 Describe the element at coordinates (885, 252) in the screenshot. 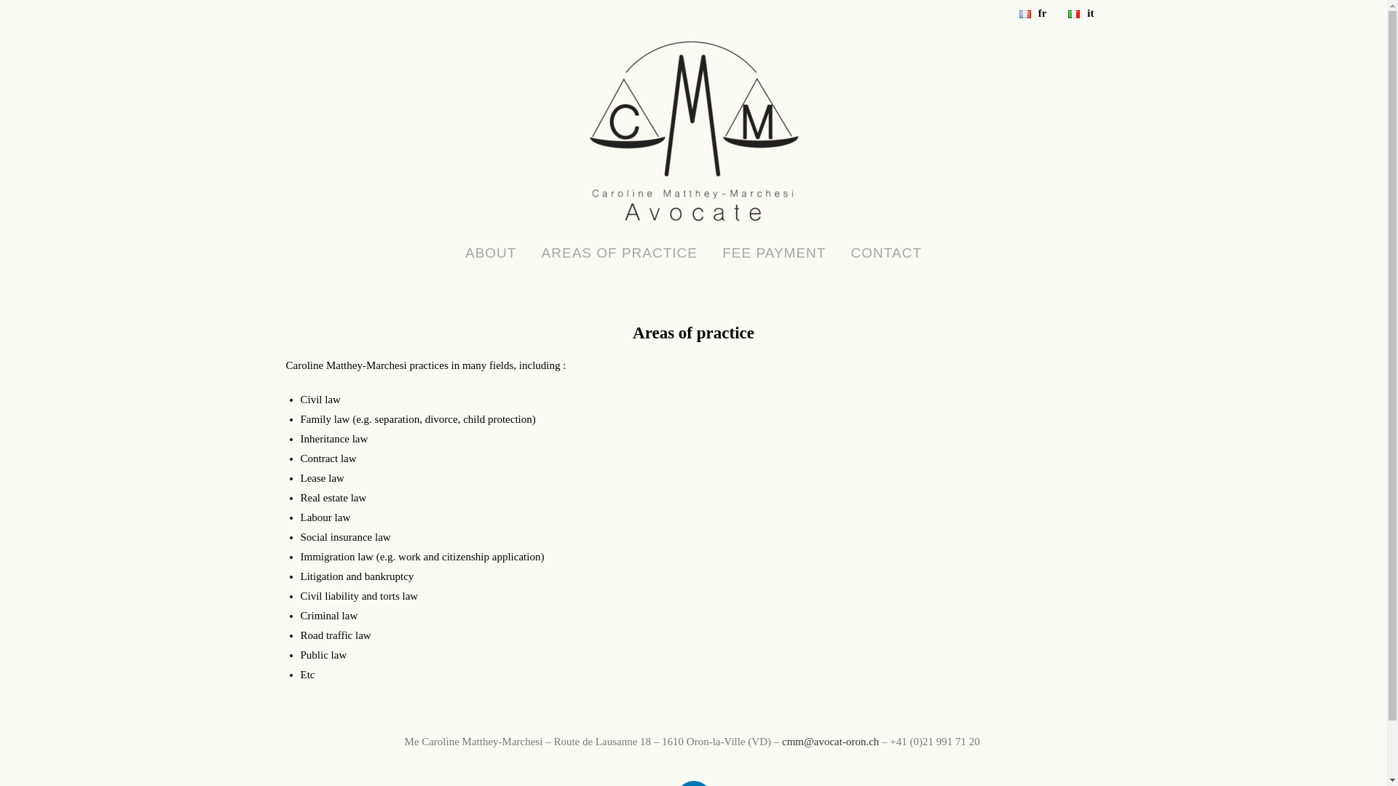

I see `'CONTACT'` at that location.